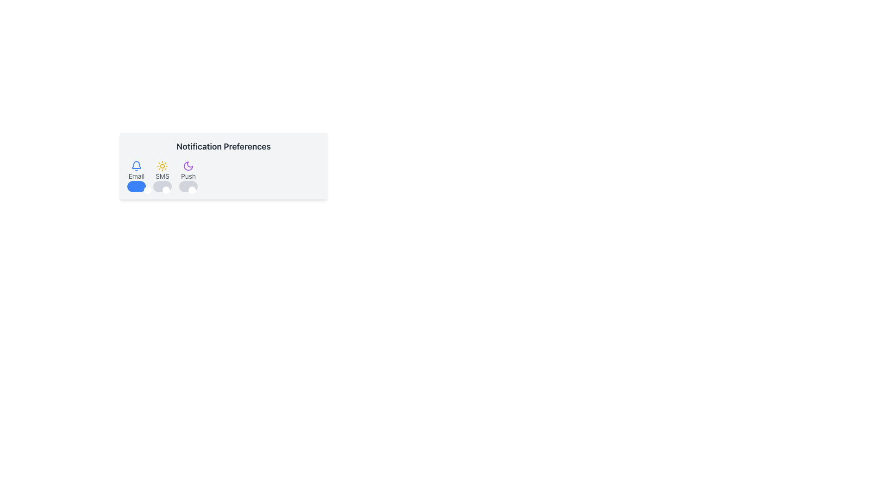  What do you see at coordinates (188, 176) in the screenshot?
I see `the text label displaying 'Push', which is located underneath the purple moon icon in the 'Notification Preferences' section` at bounding box center [188, 176].